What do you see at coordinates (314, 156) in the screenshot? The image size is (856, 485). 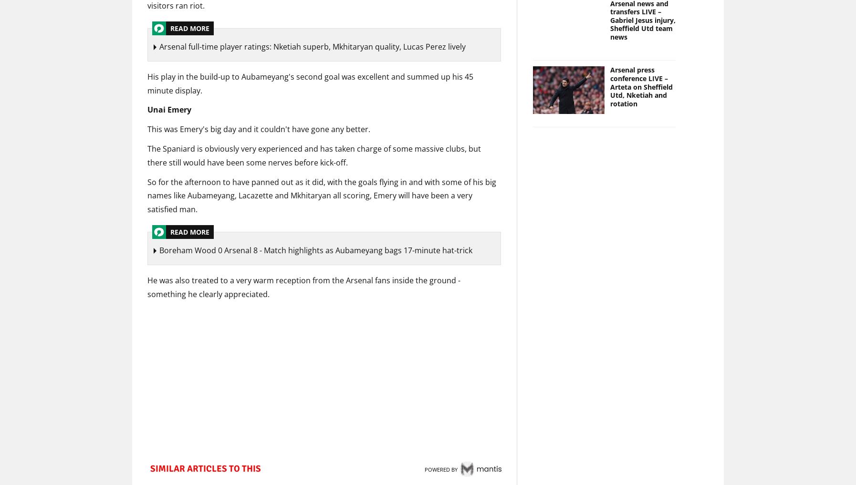 I see `'The Spaniard is obviously very experienced and has taken charge of some massive clubs, but there still would have been some nerves before kick-off.'` at bounding box center [314, 156].